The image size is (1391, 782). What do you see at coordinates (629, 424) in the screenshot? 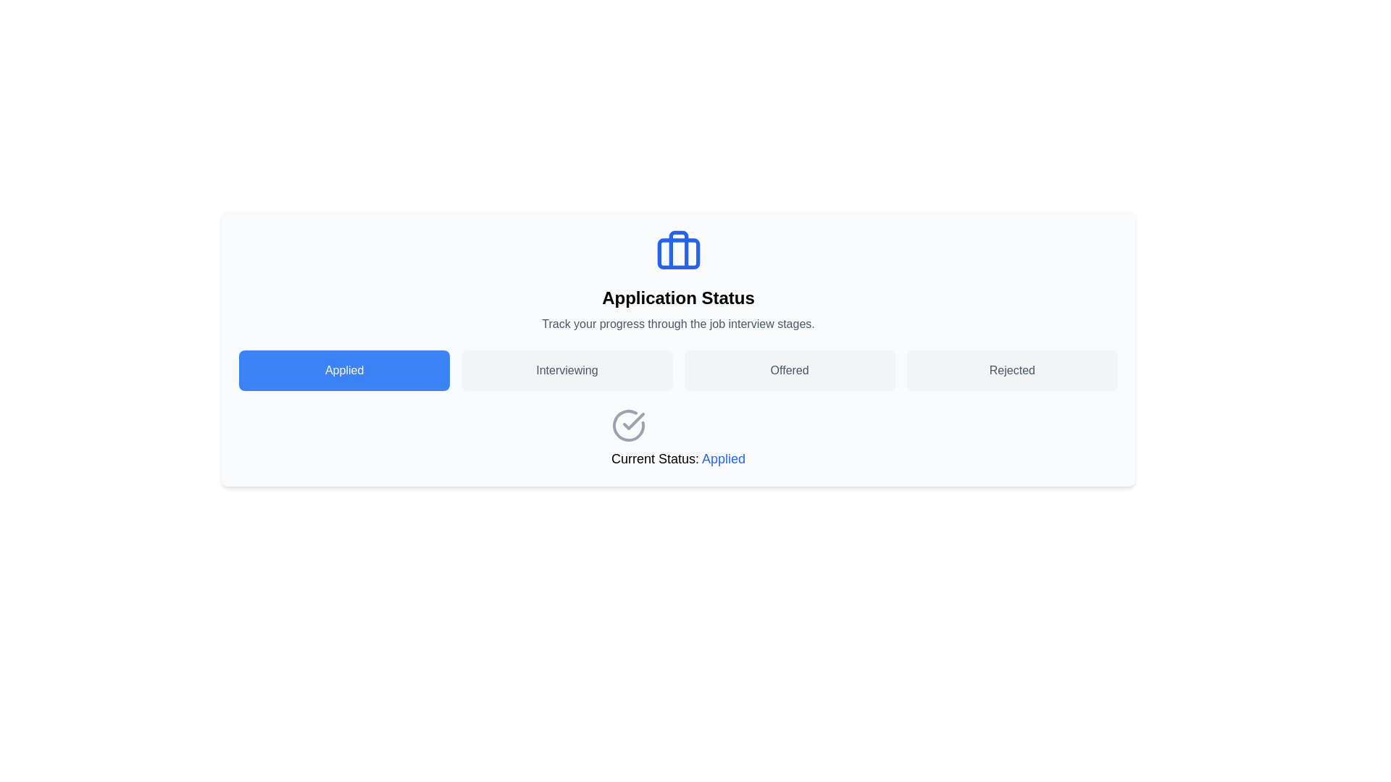
I see `the success status icon located in the 'Current Status: Applied' section, adjacent to the 'Applied' message` at bounding box center [629, 424].